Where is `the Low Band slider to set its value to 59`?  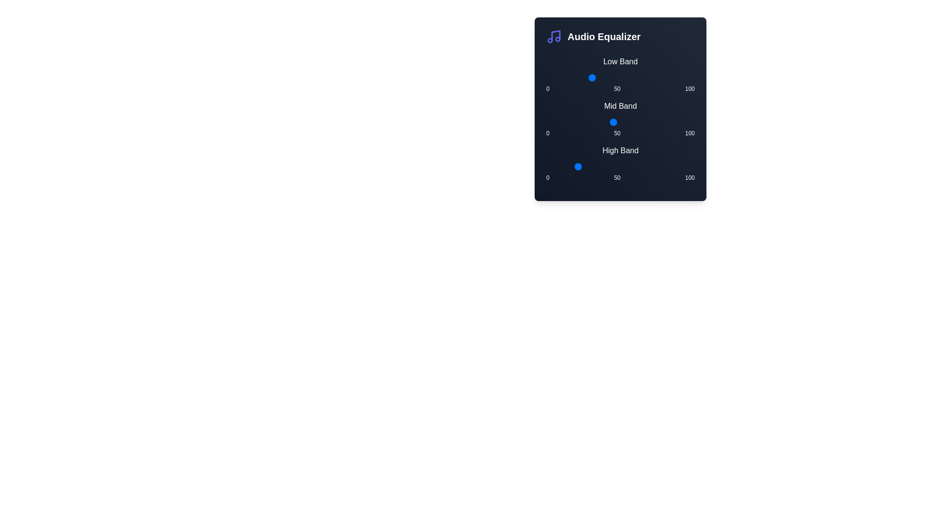
the Low Band slider to set its value to 59 is located at coordinates (634, 77).